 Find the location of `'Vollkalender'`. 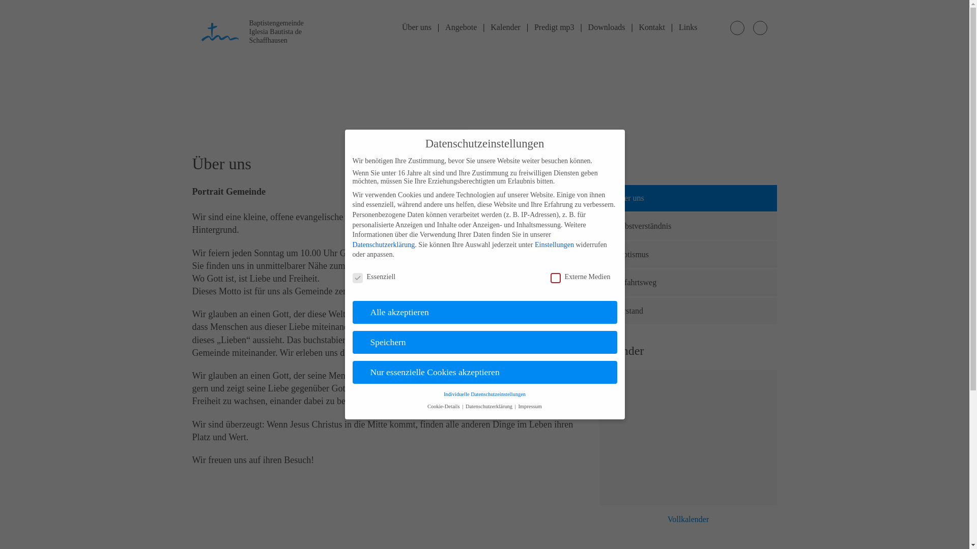

'Vollkalender' is located at coordinates (688, 520).